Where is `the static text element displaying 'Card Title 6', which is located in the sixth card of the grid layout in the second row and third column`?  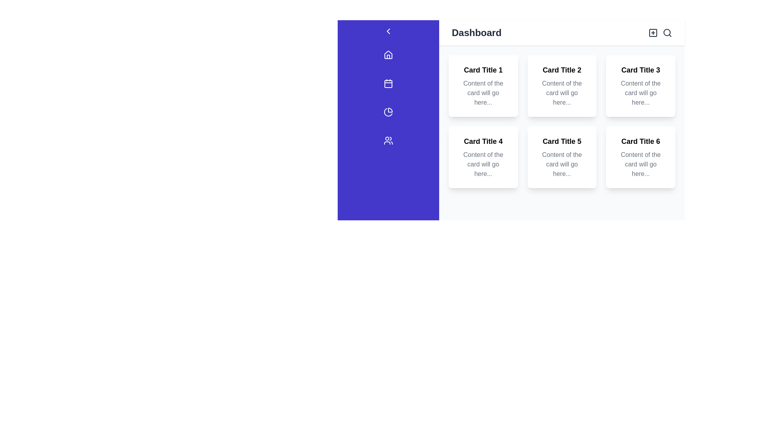 the static text element displaying 'Card Title 6', which is located in the sixth card of the grid layout in the second row and third column is located at coordinates (641, 141).